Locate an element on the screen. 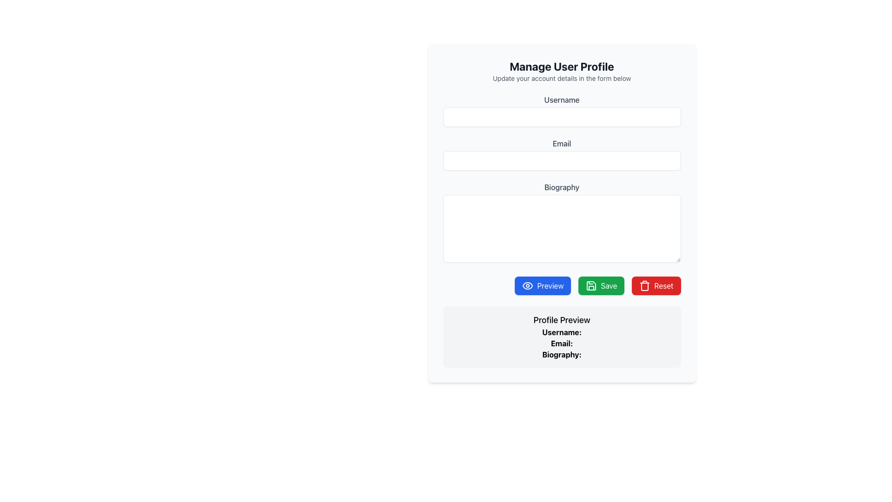 This screenshot has height=502, width=892. the label indicating the email input field, which is positioned directly above the email input field in the form layout is located at coordinates (561, 143).